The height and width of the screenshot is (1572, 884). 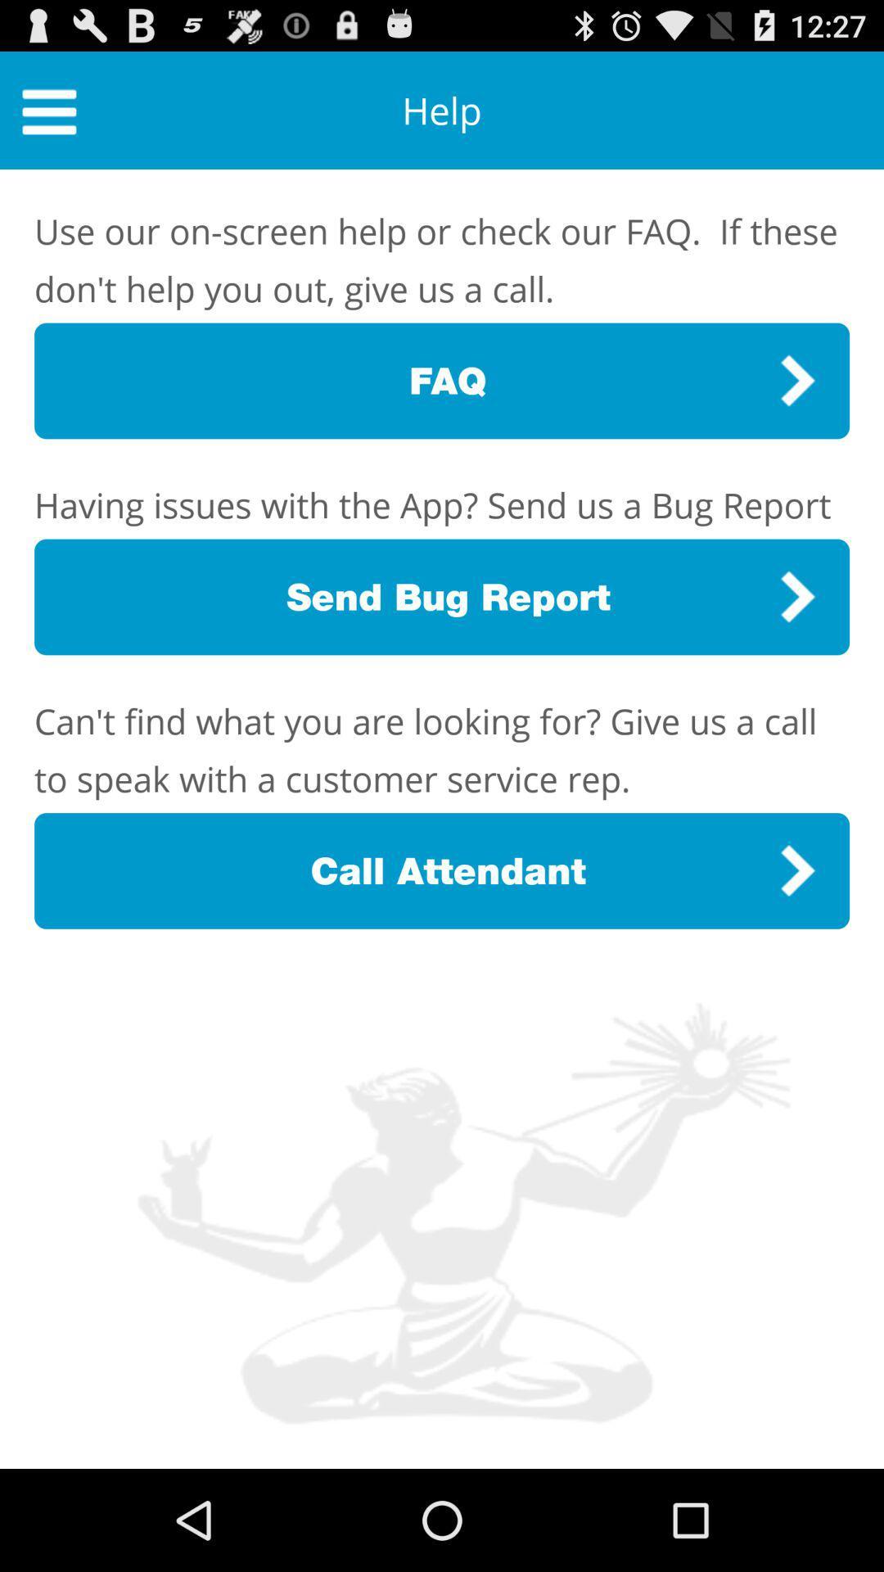 I want to click on the menu icon, so click(x=48, y=117).